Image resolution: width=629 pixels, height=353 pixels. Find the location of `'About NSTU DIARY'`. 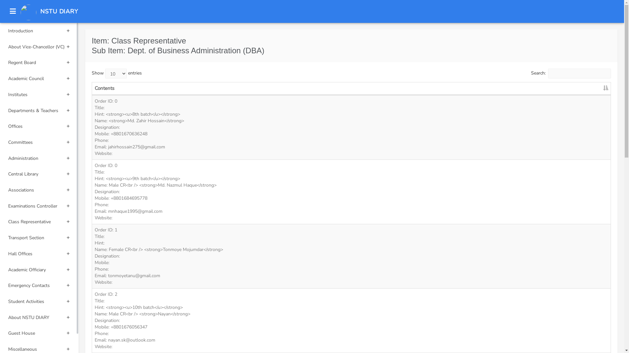

'About NSTU DIARY' is located at coordinates (39, 317).